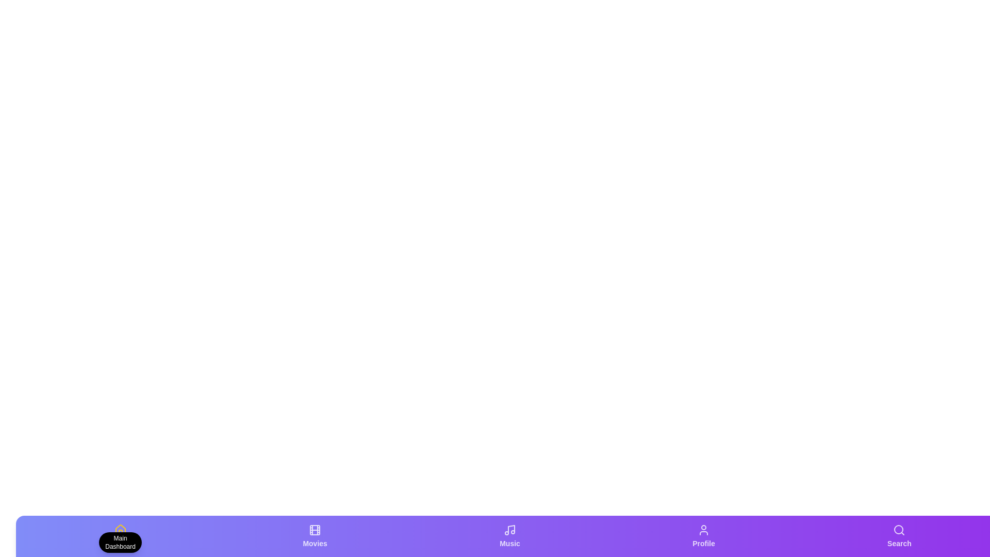 The image size is (990, 557). I want to click on the tab labeled 'Search' to view its description tooltip, so click(899, 536).